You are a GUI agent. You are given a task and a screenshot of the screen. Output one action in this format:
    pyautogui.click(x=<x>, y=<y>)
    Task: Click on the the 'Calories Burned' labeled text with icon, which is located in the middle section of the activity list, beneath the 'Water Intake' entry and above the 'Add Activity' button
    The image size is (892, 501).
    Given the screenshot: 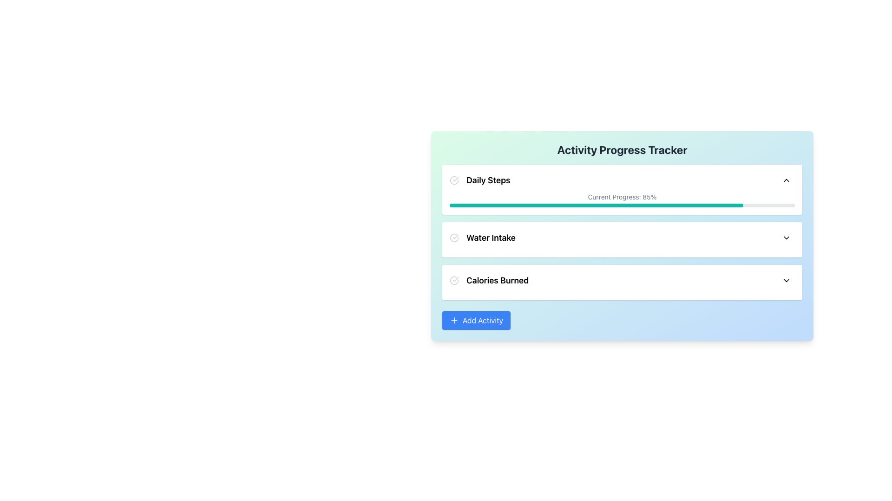 What is the action you would take?
    pyautogui.click(x=489, y=280)
    